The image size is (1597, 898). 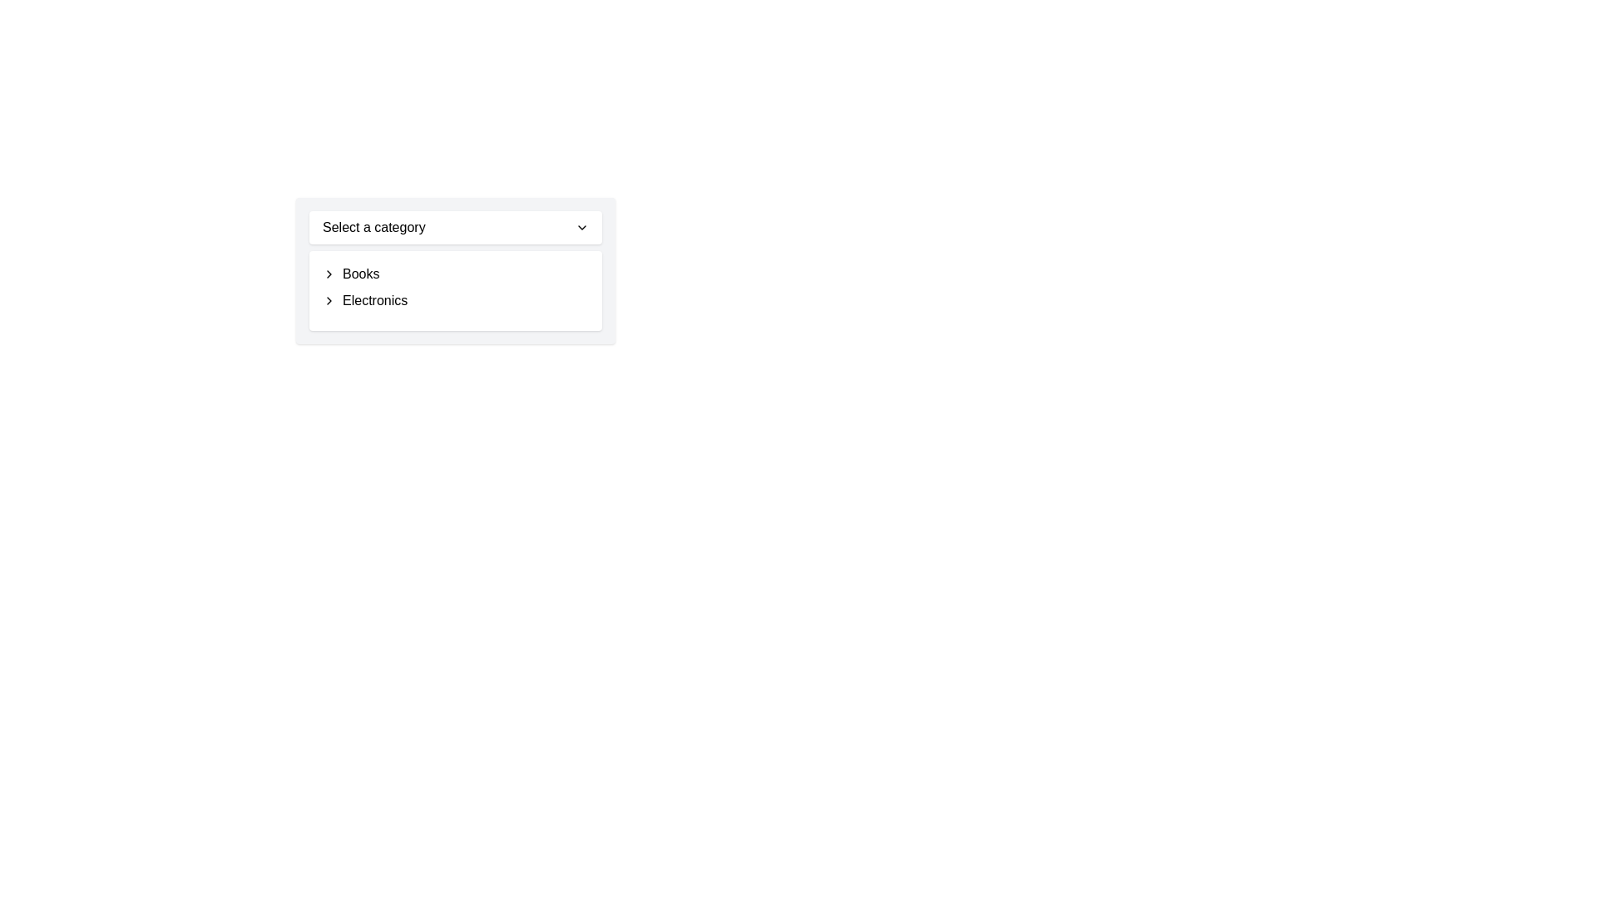 What do you see at coordinates (329, 274) in the screenshot?
I see `the chevron icon located to the left of the 'Books' text in the category dropdown menu` at bounding box center [329, 274].